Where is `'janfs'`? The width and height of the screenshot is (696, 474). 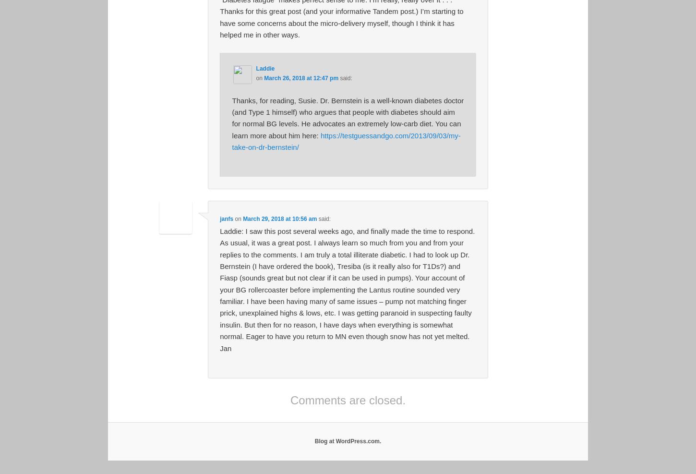 'janfs' is located at coordinates (226, 218).